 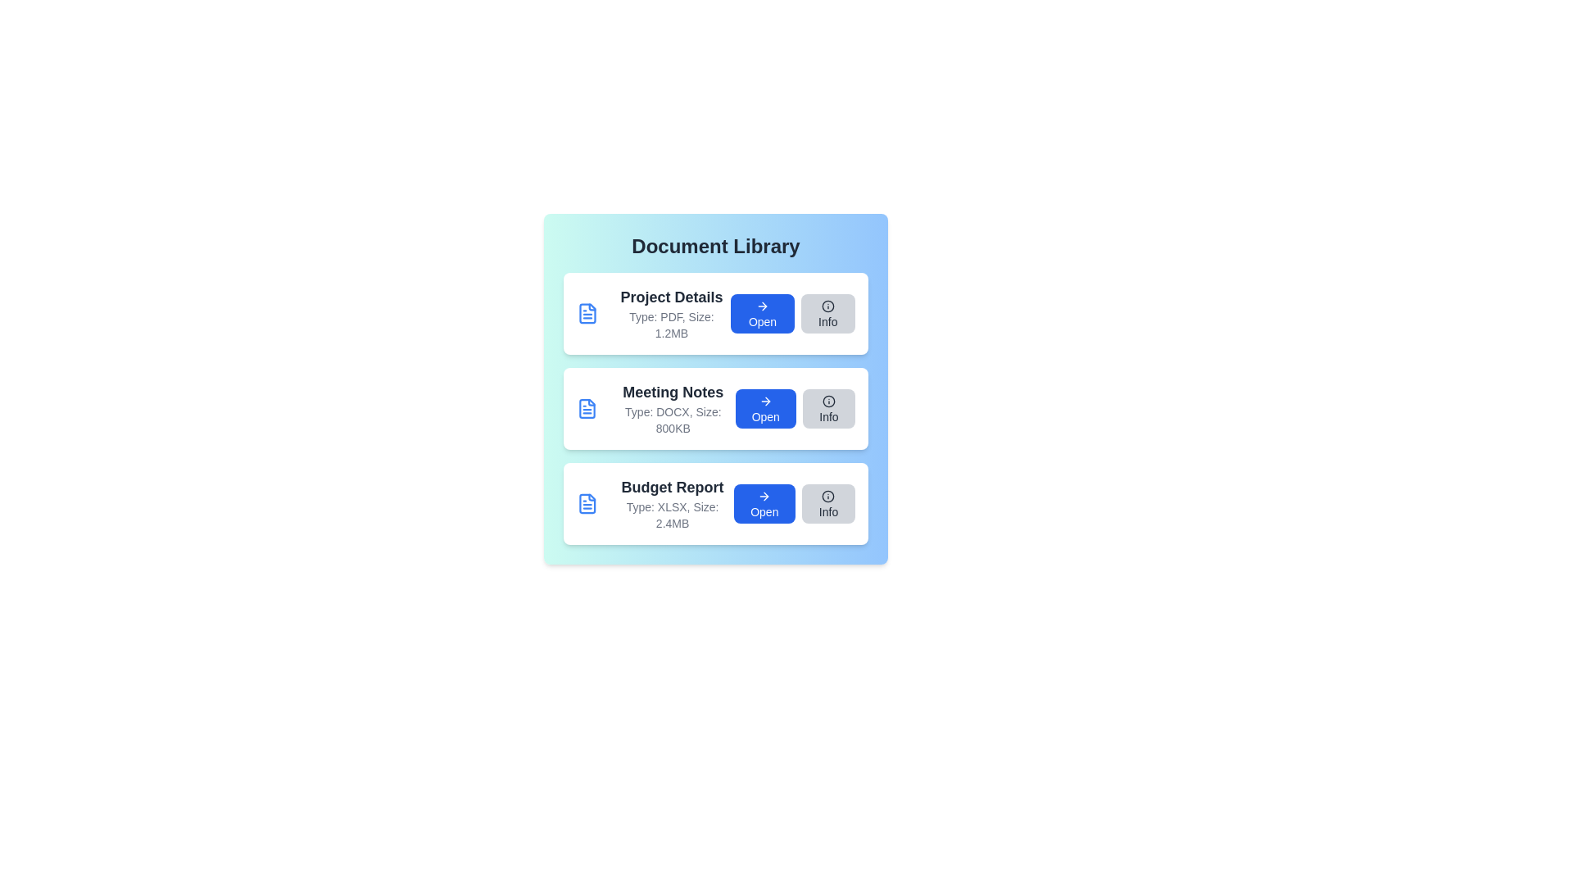 What do you see at coordinates (763, 502) in the screenshot?
I see `the 'Open' button for the document named Budget Report` at bounding box center [763, 502].